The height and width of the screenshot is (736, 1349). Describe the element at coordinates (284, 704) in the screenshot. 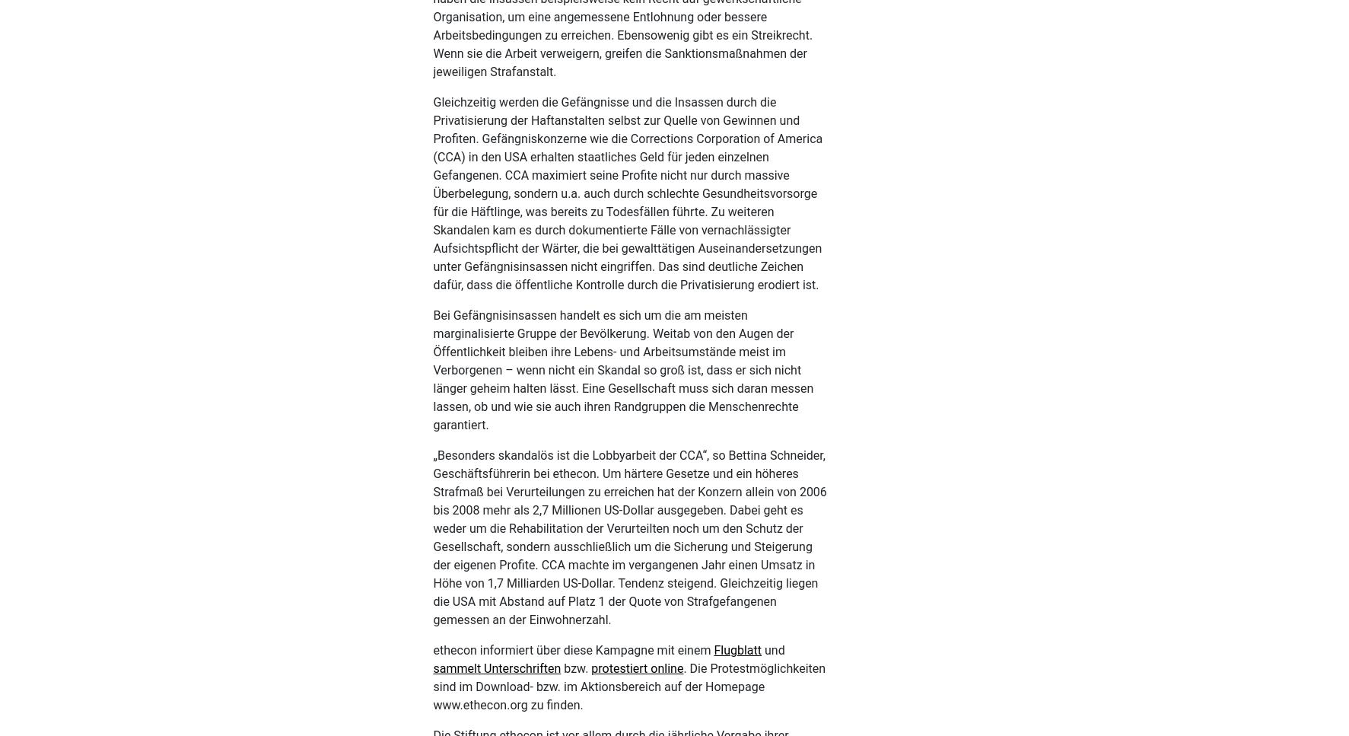

I see `'Powered by'` at that location.